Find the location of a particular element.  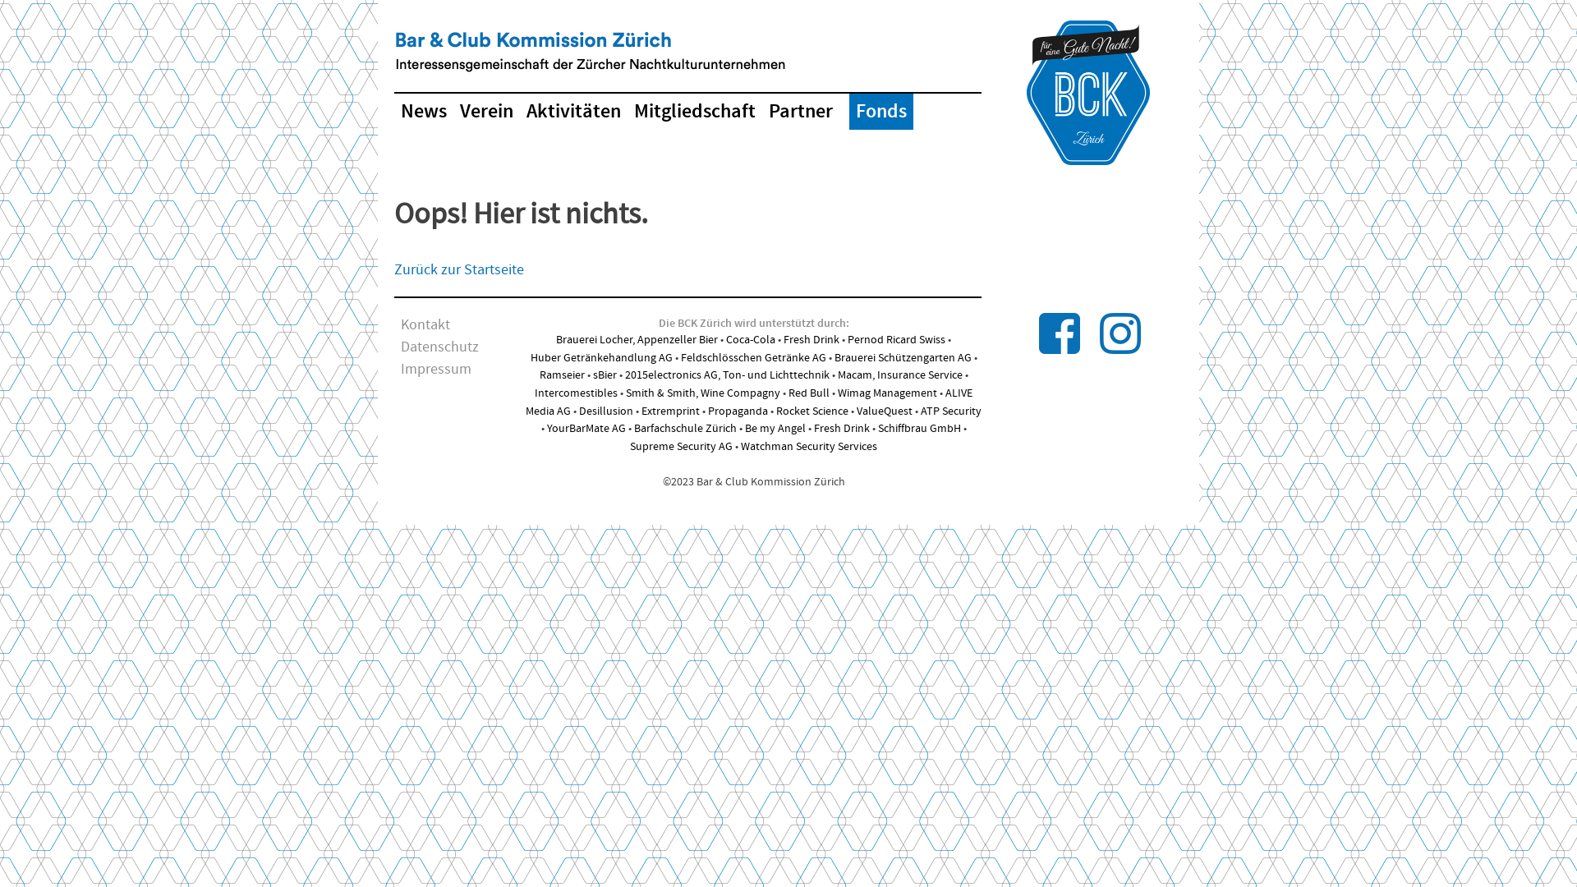

'Partner' is located at coordinates (800, 111).